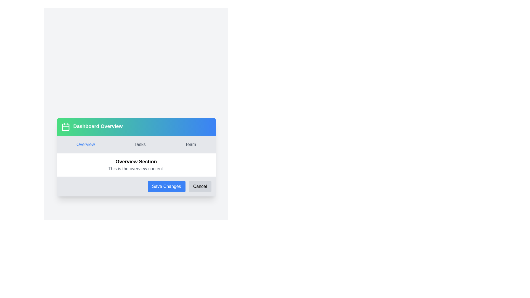 The width and height of the screenshot is (530, 298). What do you see at coordinates (85, 144) in the screenshot?
I see `the Navigation Button located at the top center of the interface` at bounding box center [85, 144].